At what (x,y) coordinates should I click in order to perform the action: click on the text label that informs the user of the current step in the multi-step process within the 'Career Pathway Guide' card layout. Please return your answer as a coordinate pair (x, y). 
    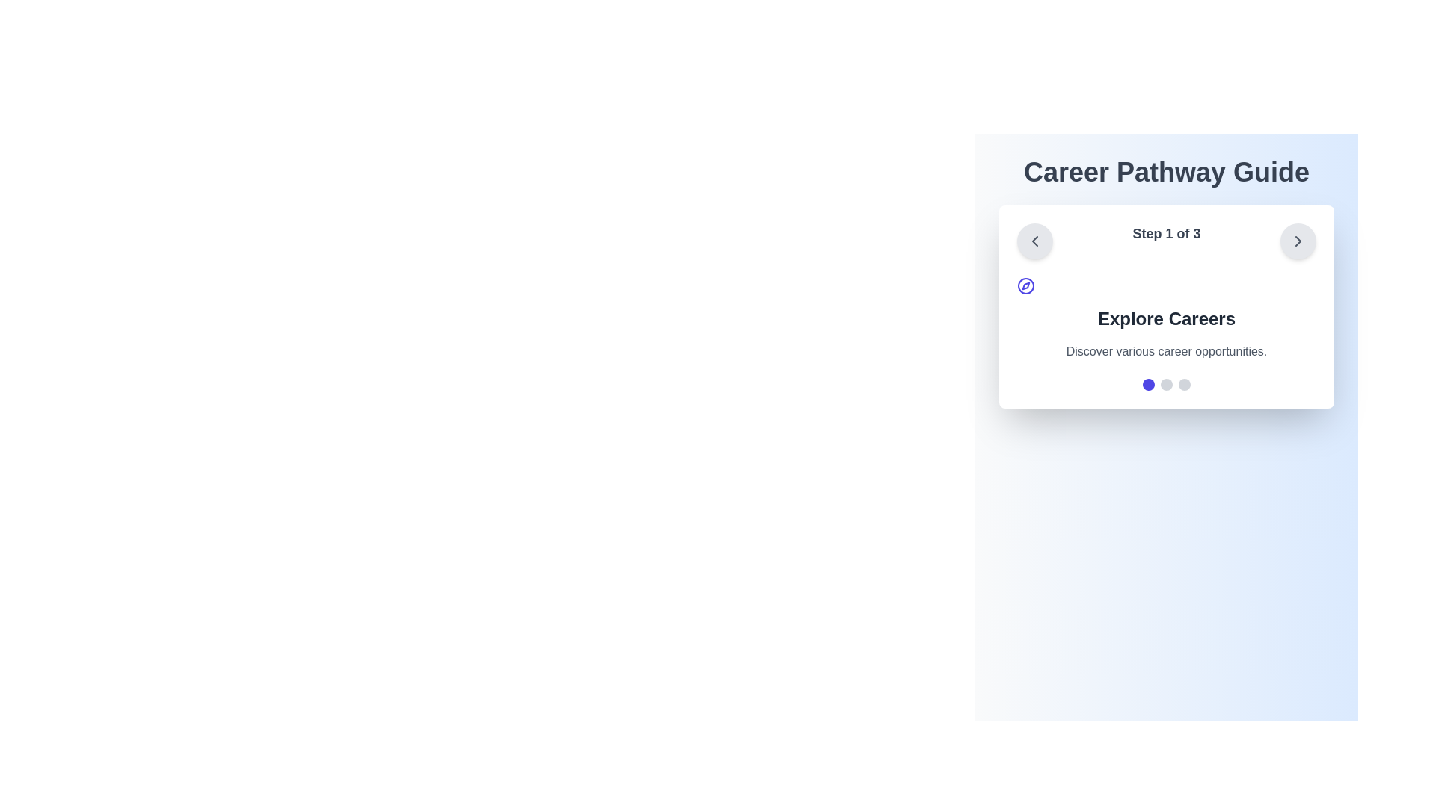
    Looking at the image, I should click on (1166, 241).